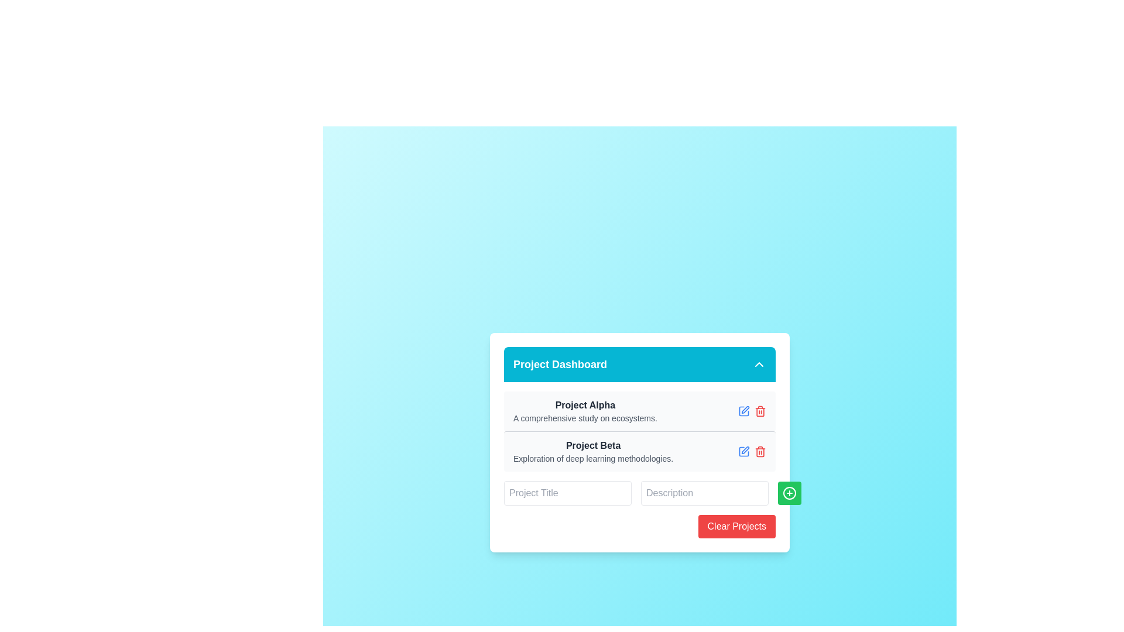 This screenshot has width=1124, height=632. I want to click on the icon representing 'Project Beta' located in the second row of the project list in the project dashboard interface, so click(743, 451).